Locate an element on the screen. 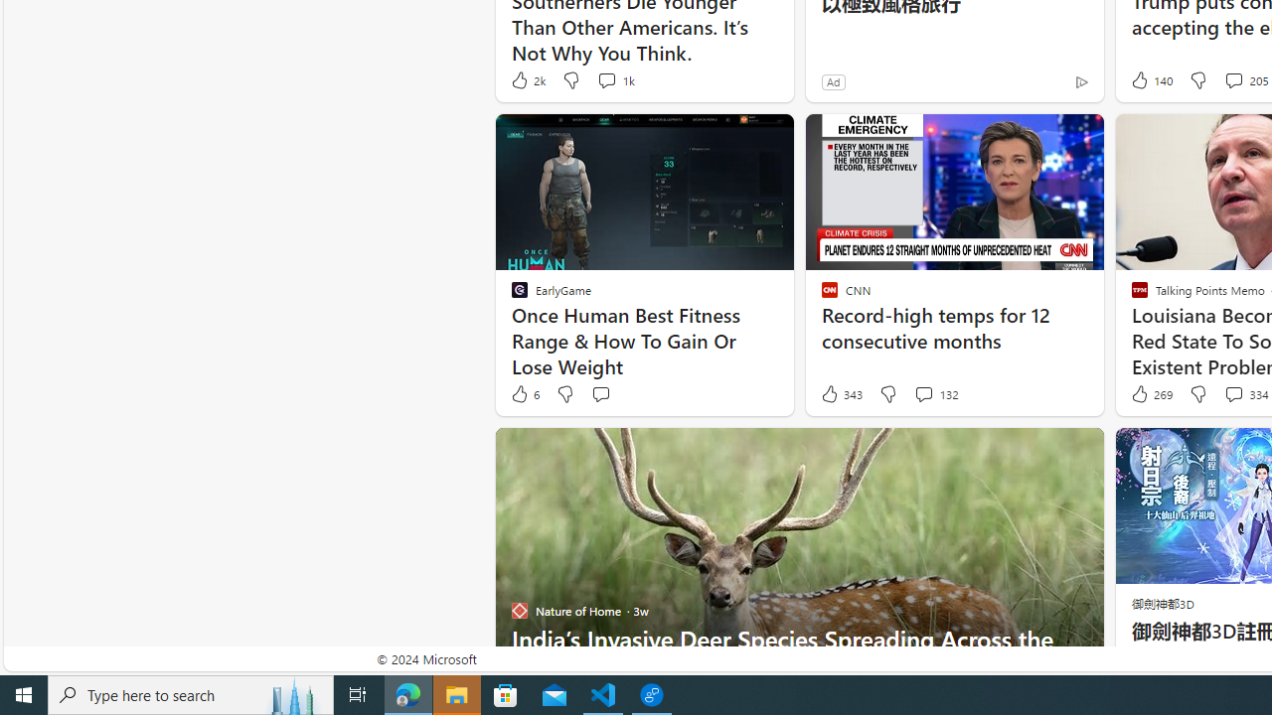 The image size is (1272, 715). 'View comments 1k Comment' is located at coordinates (613, 79).